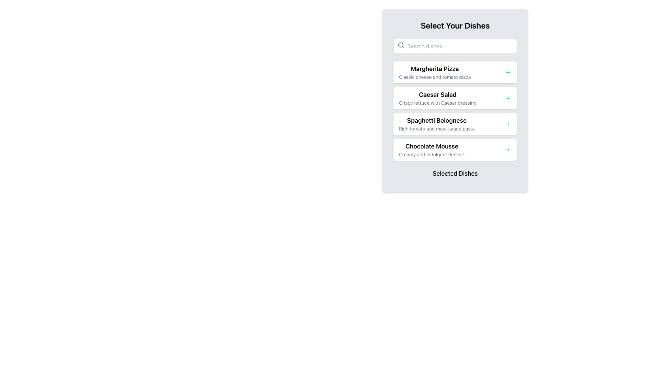  What do you see at coordinates (508, 124) in the screenshot?
I see `the green-colored cross-shaped icon resembling a plus sign` at bounding box center [508, 124].